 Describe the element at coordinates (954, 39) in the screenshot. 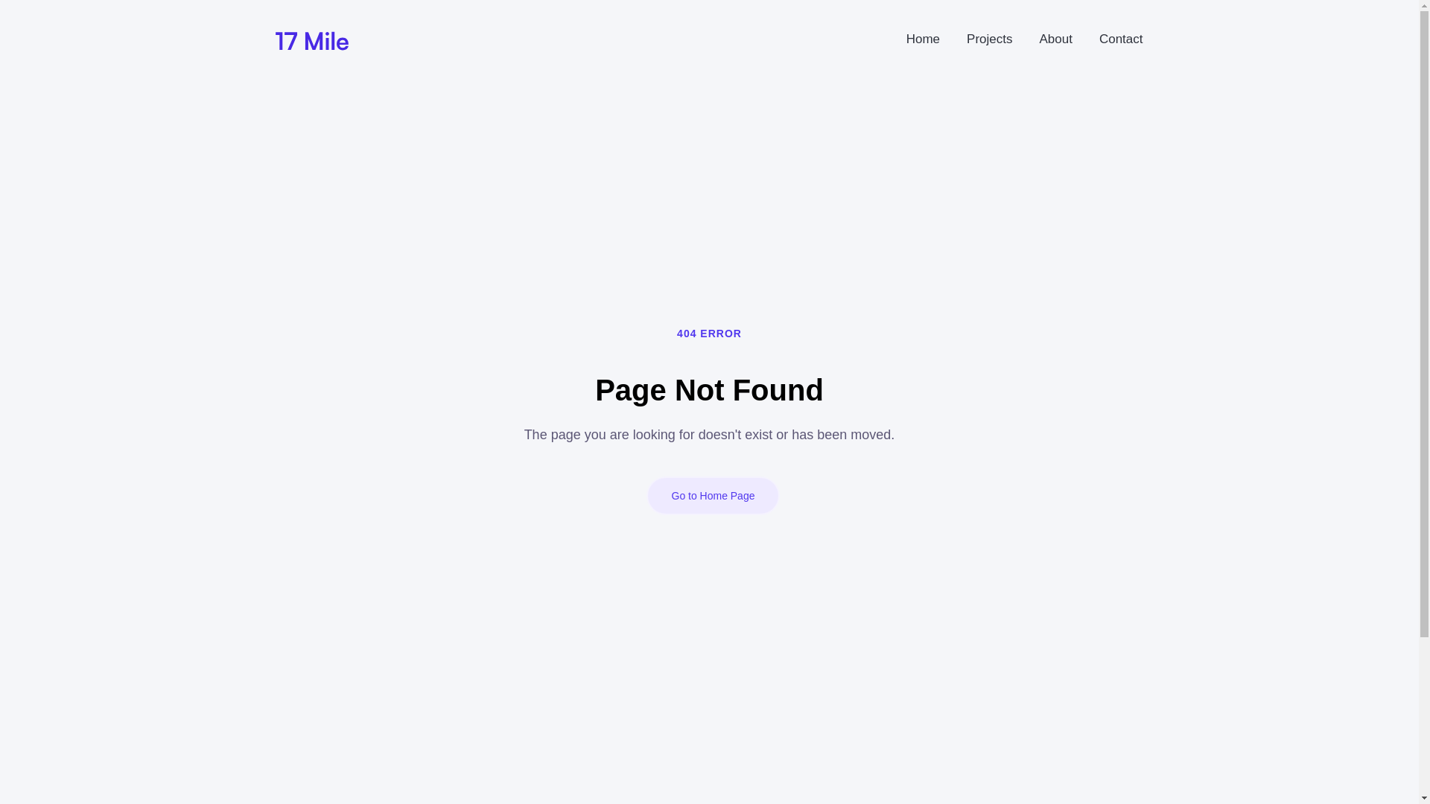

I see `'Projects'` at that location.